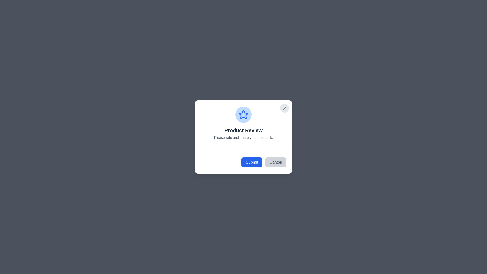  Describe the element at coordinates (252, 162) in the screenshot. I see `the rectangular 'Submit' button with a blue background and white text, located under the 'Product Review' text in the dialog box` at that location.